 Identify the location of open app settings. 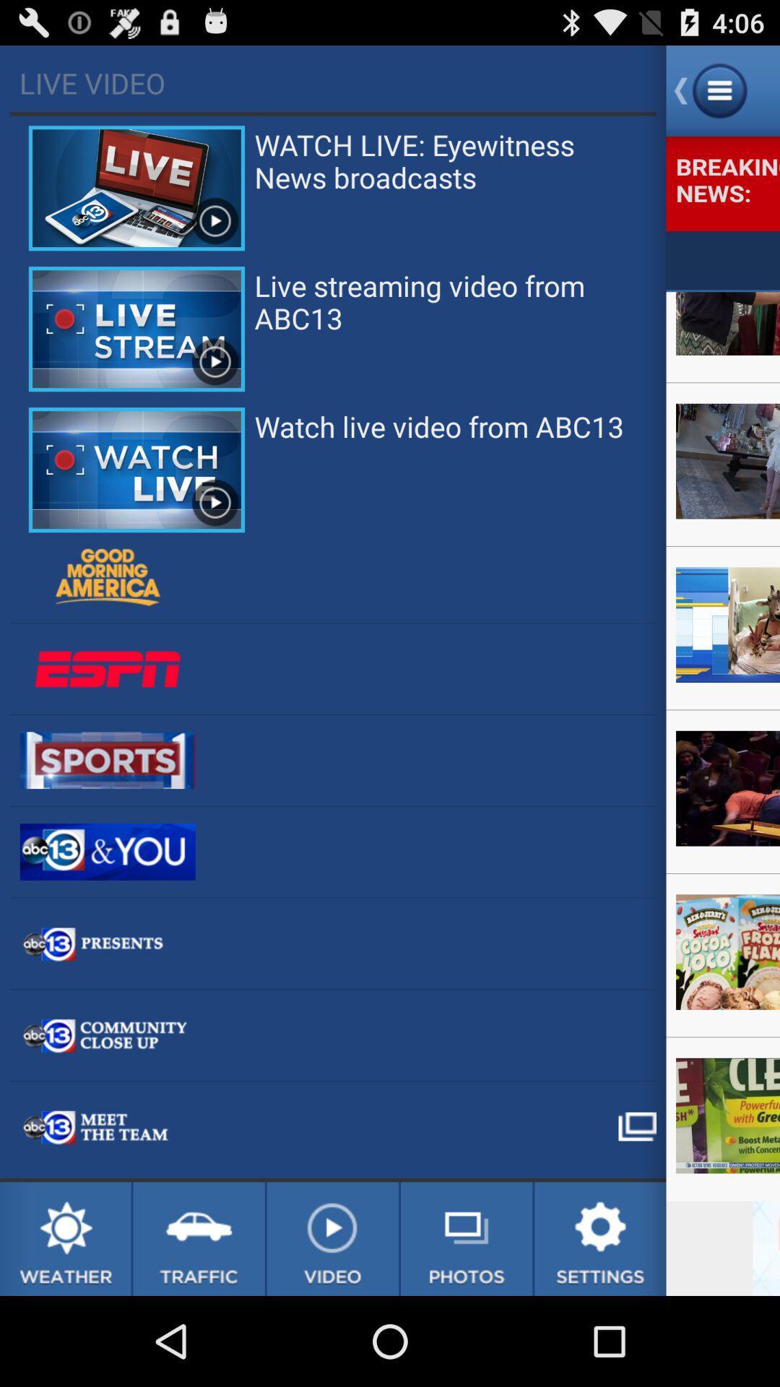
(600, 1238).